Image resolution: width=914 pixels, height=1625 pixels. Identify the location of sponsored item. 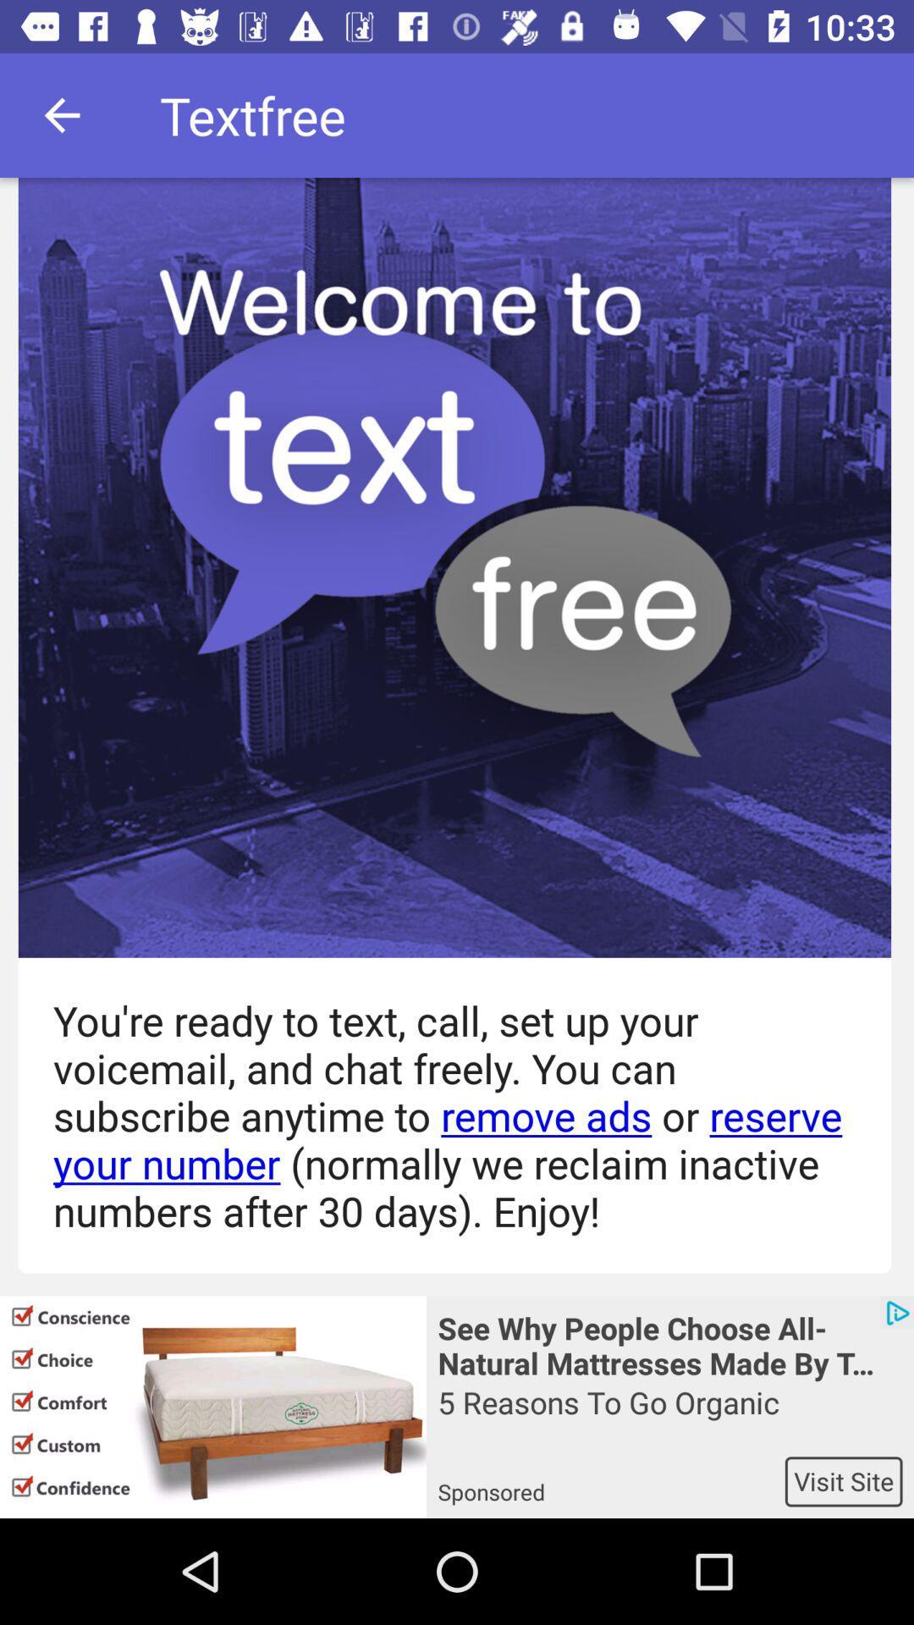
(611, 1480).